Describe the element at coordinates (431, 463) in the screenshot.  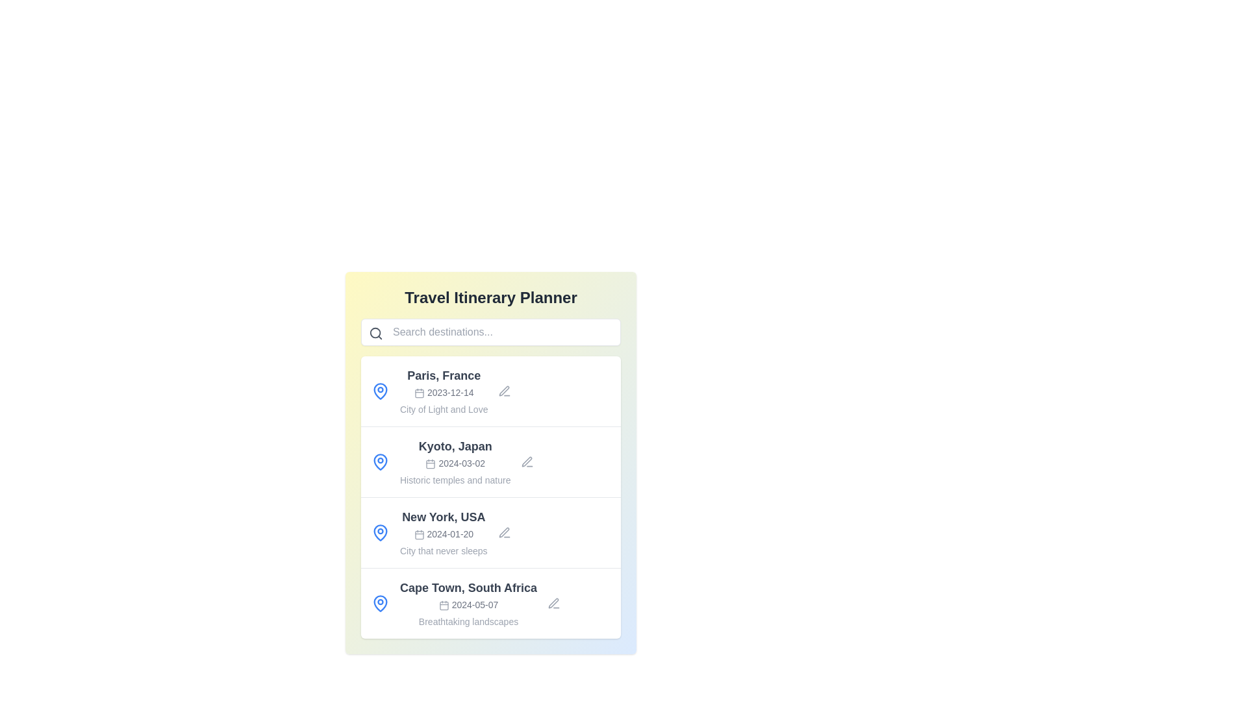
I see `the calendar icon, which is an outline illustration positioned beside the text '2024-03-02' in the 'Kyoto, Japan' list item` at that location.